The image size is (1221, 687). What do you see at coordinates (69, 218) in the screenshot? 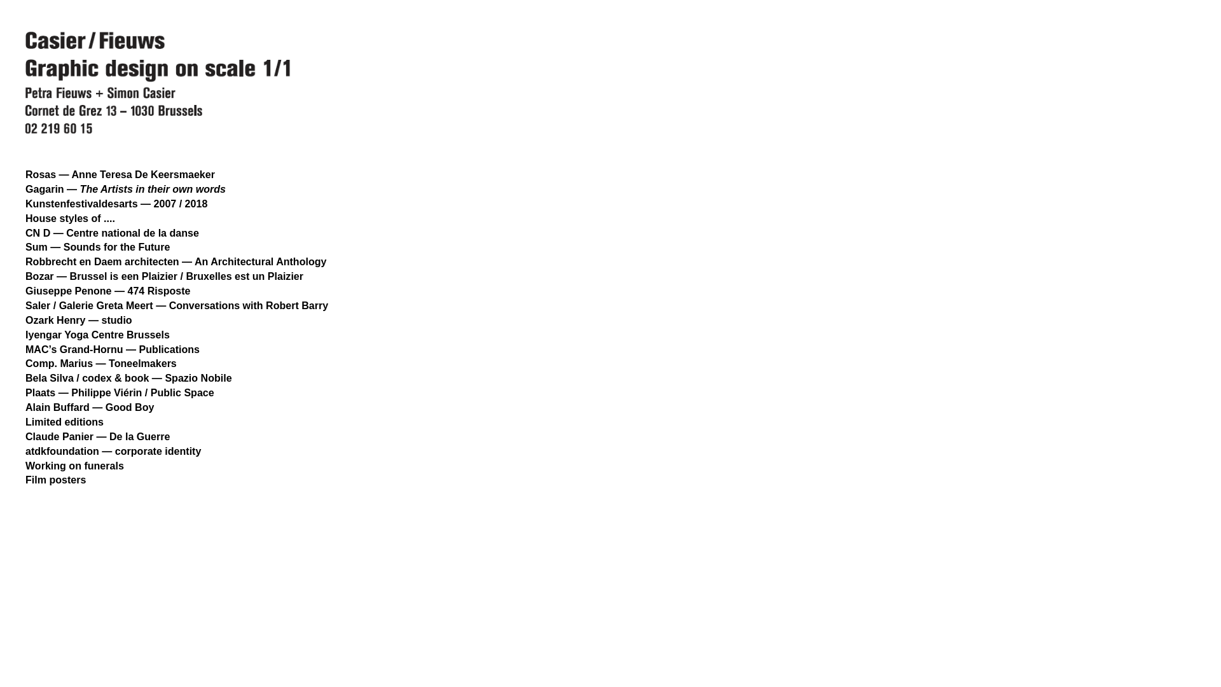
I see `'House styles of ....'` at bounding box center [69, 218].